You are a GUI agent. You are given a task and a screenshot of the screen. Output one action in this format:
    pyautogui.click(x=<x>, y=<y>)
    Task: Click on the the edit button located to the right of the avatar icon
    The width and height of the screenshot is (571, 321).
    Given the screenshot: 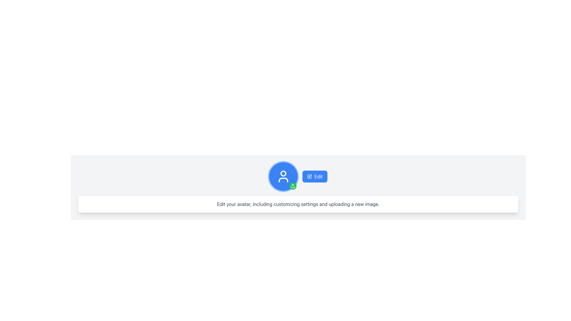 What is the action you would take?
    pyautogui.click(x=315, y=176)
    